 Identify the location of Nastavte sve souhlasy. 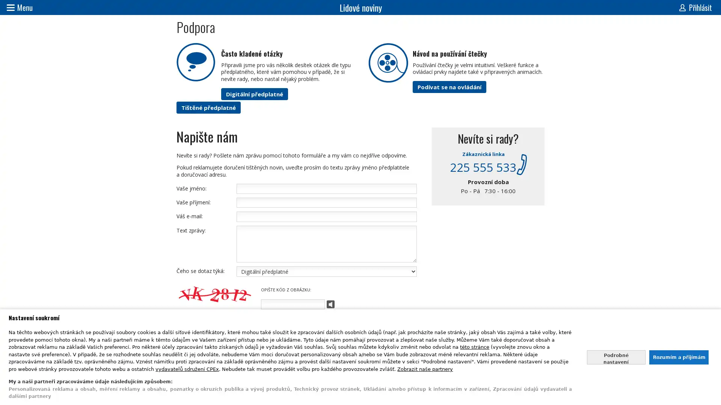
(616, 357).